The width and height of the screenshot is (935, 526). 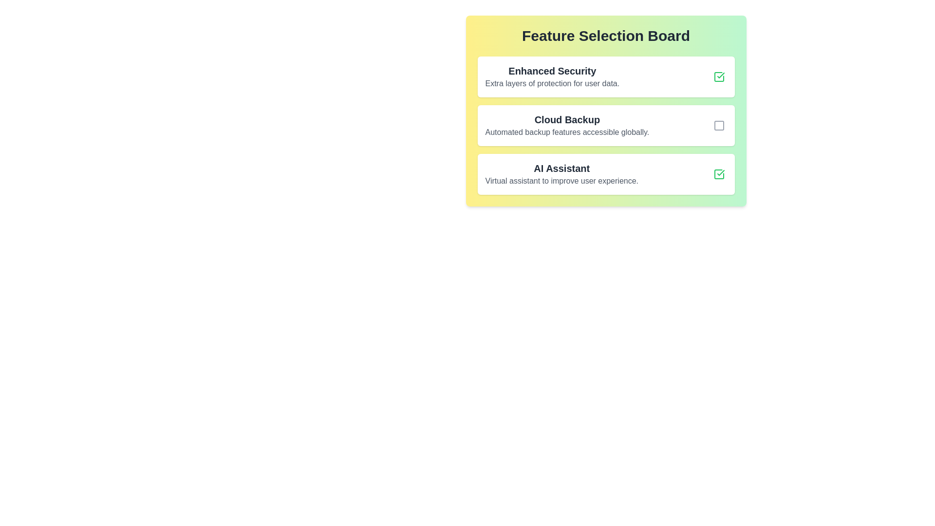 What do you see at coordinates (719, 76) in the screenshot?
I see `the topmost checkbox of the 'Feature Selection Board' menu` at bounding box center [719, 76].